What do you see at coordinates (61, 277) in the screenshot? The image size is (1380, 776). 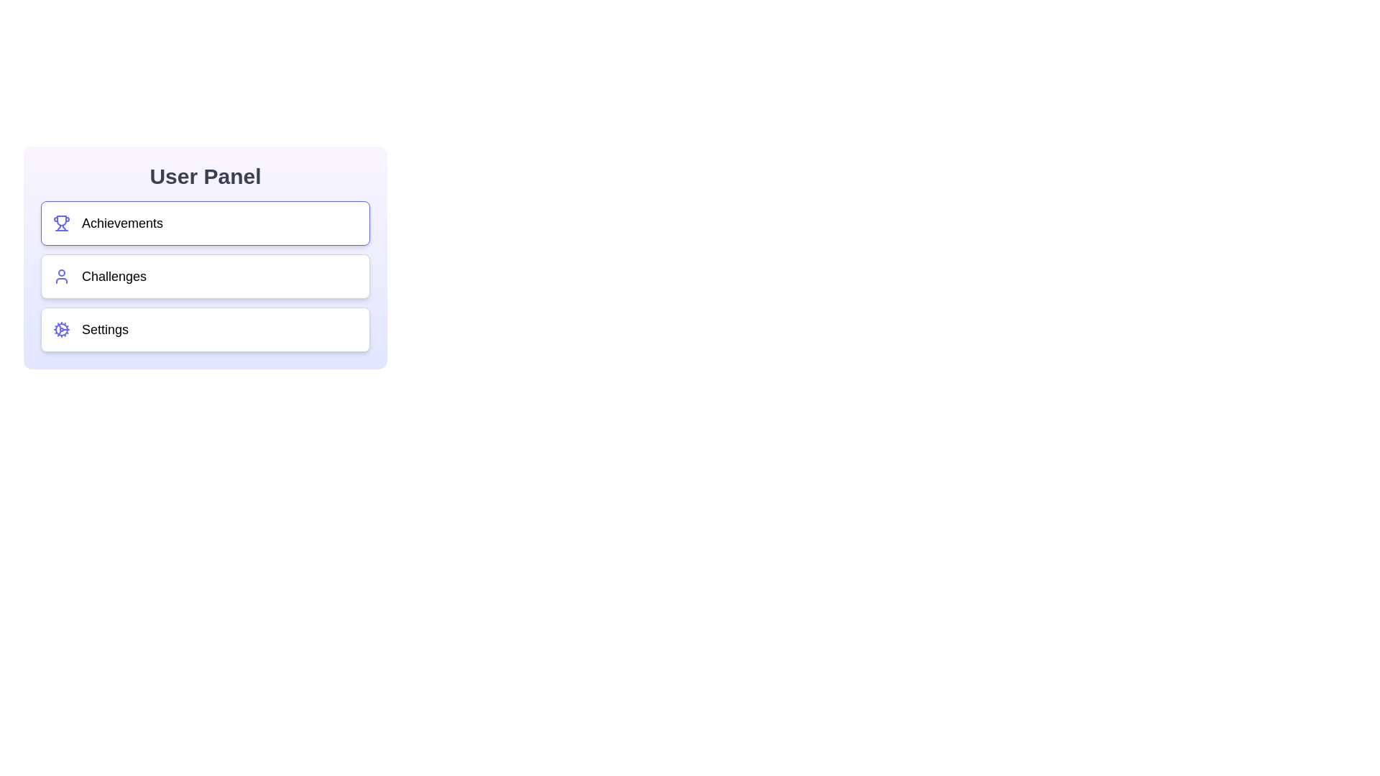 I see `the section icon corresponding to Challenges to inspect it` at bounding box center [61, 277].